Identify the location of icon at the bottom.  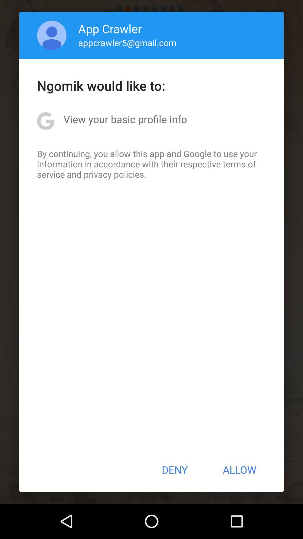
(174, 470).